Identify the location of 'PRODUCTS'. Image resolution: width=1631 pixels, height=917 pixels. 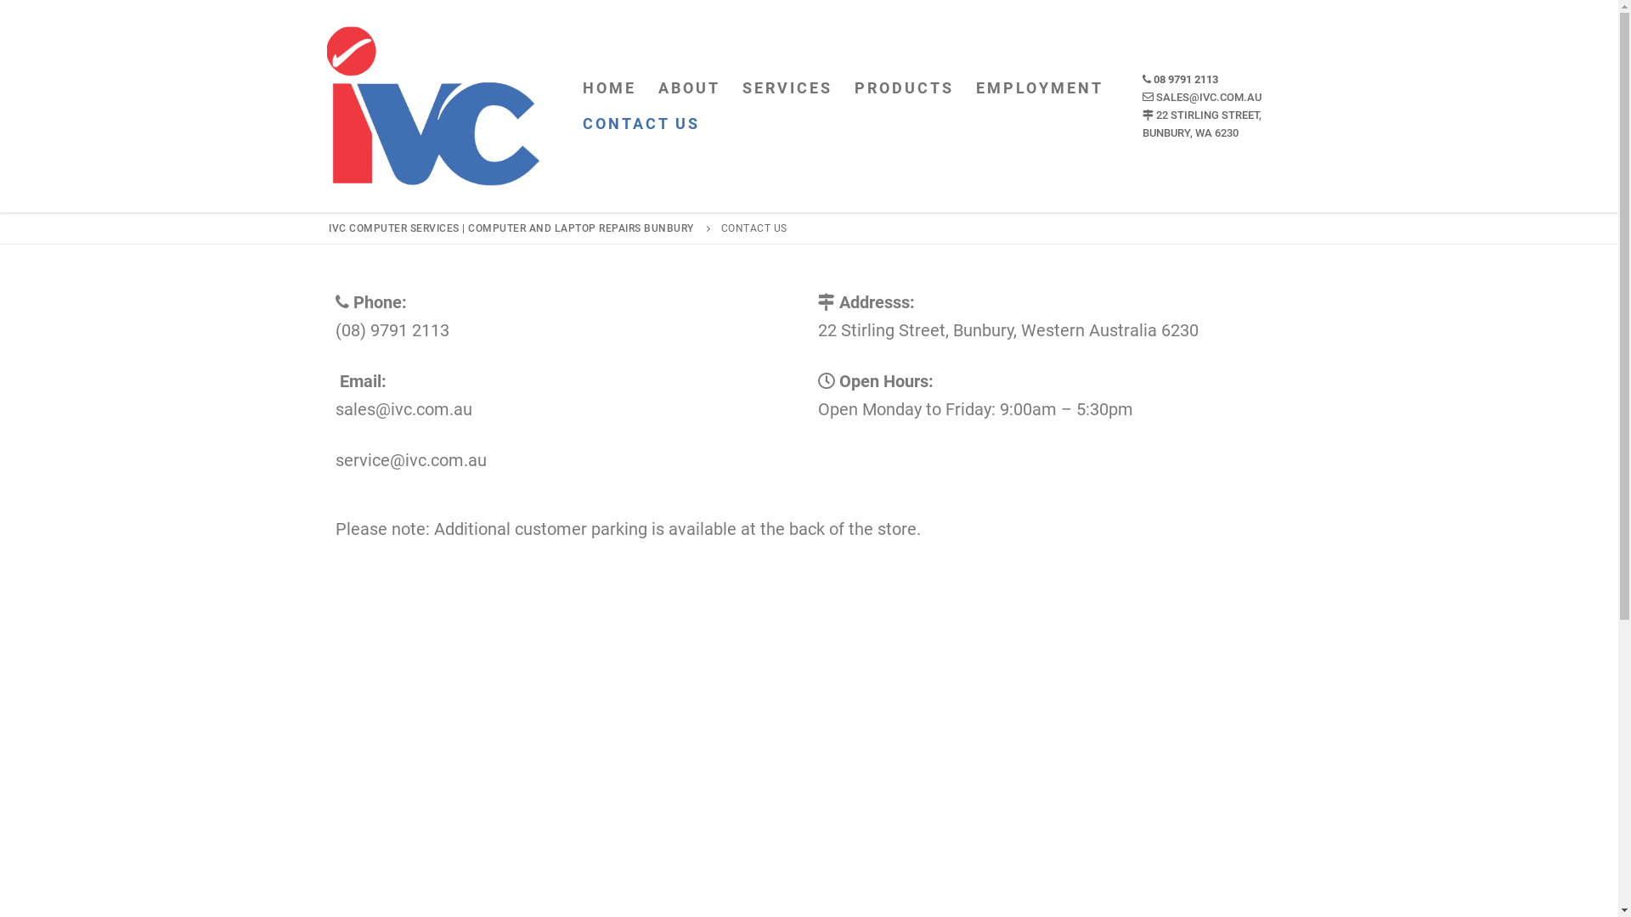
(902, 88).